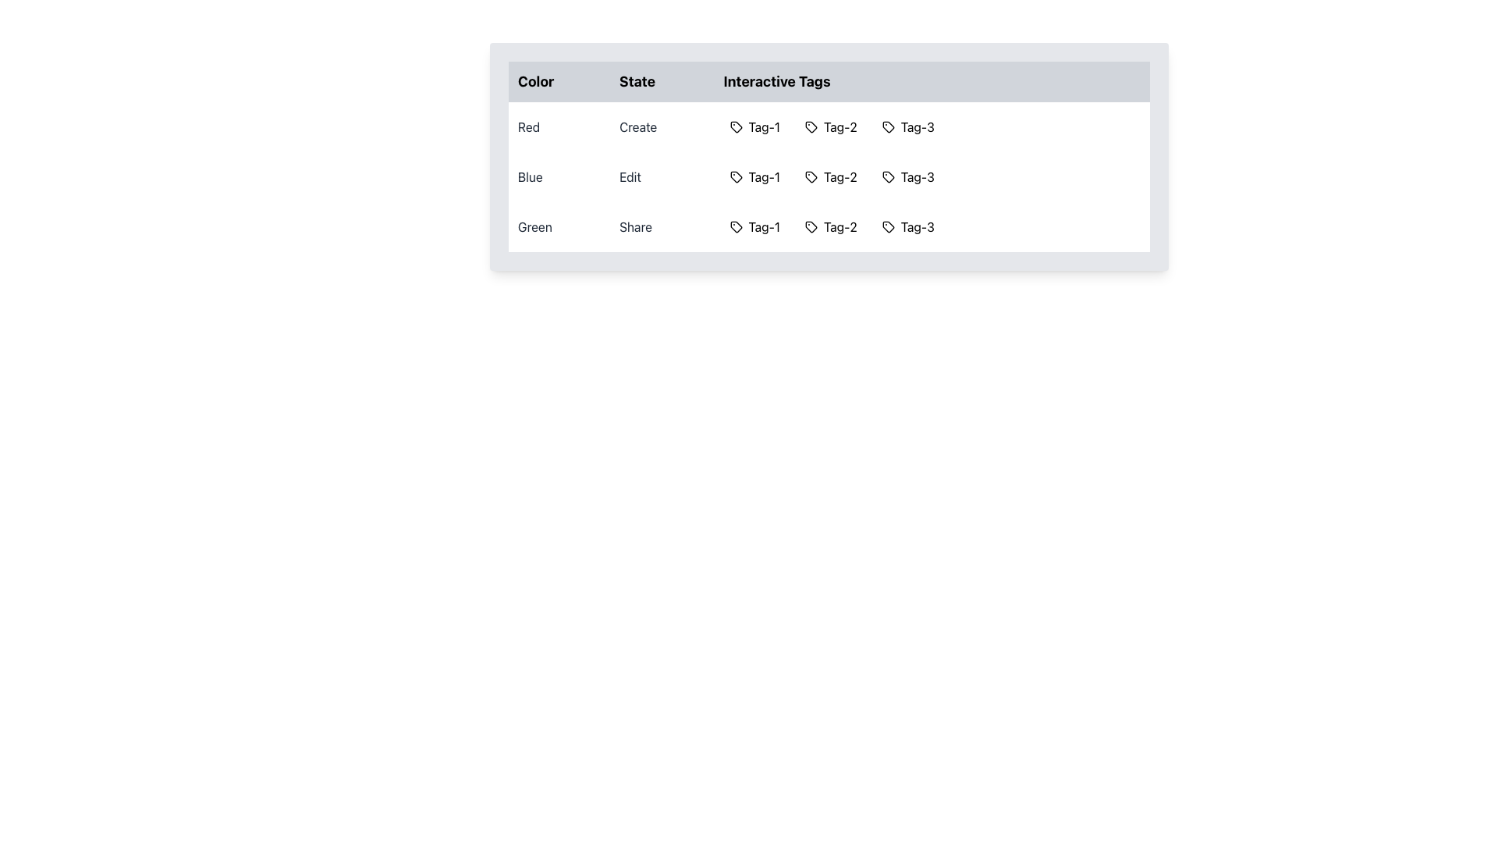 The image size is (1498, 843). I want to click on the text label displaying 'Tag-2' in the 'Interactive Tags' column, which is styled in black font on a blue background, located in the fourth column and second row of the table, so click(840, 176).